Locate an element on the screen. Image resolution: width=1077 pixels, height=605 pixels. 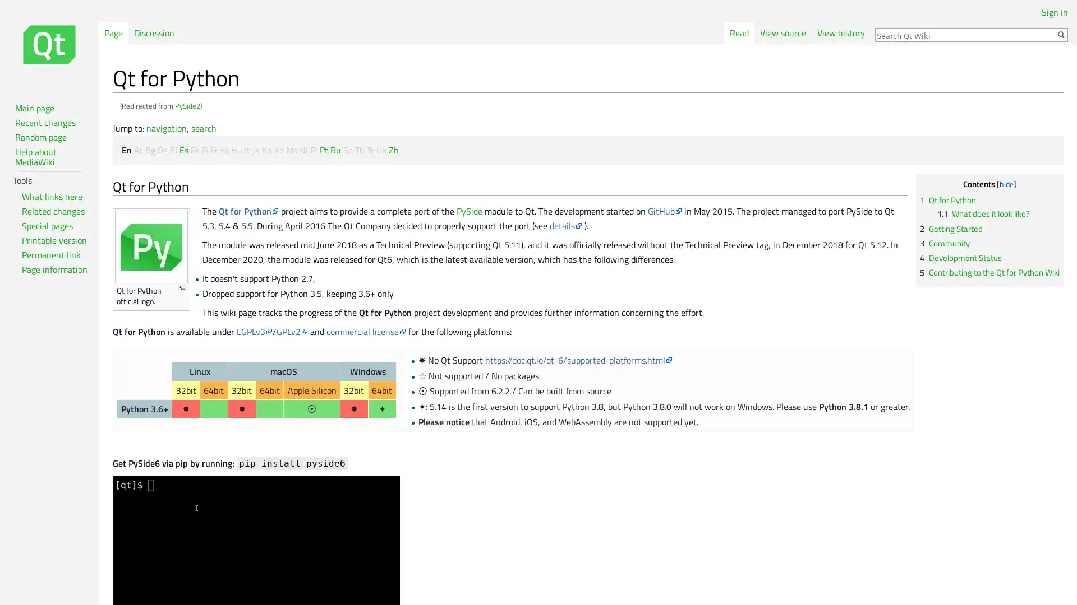
Go is located at coordinates (1060, 34).